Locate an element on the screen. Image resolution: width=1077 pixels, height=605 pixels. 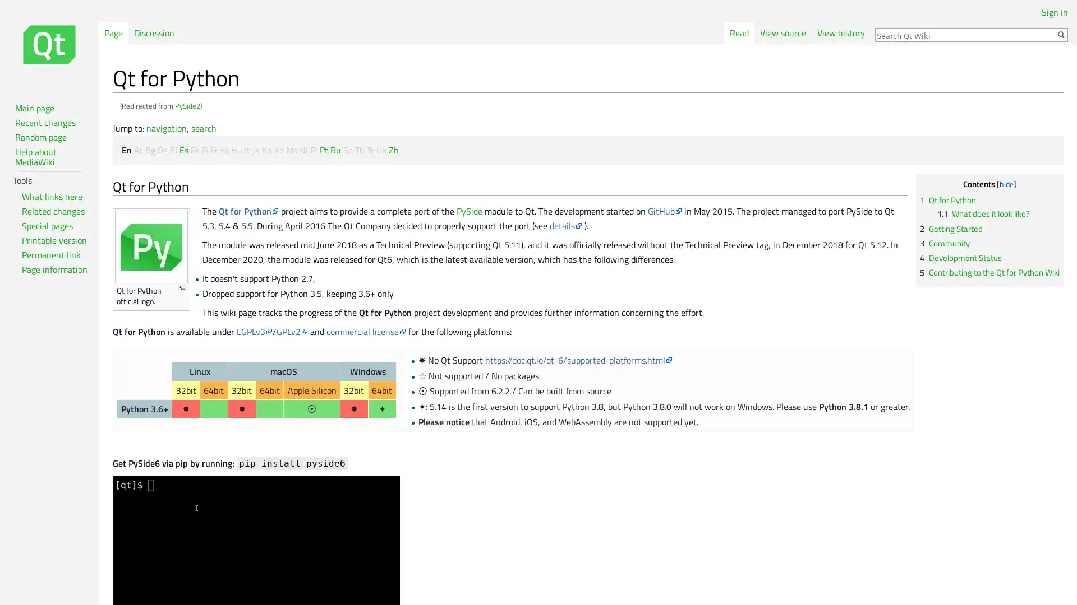
Go is located at coordinates (1060, 34).